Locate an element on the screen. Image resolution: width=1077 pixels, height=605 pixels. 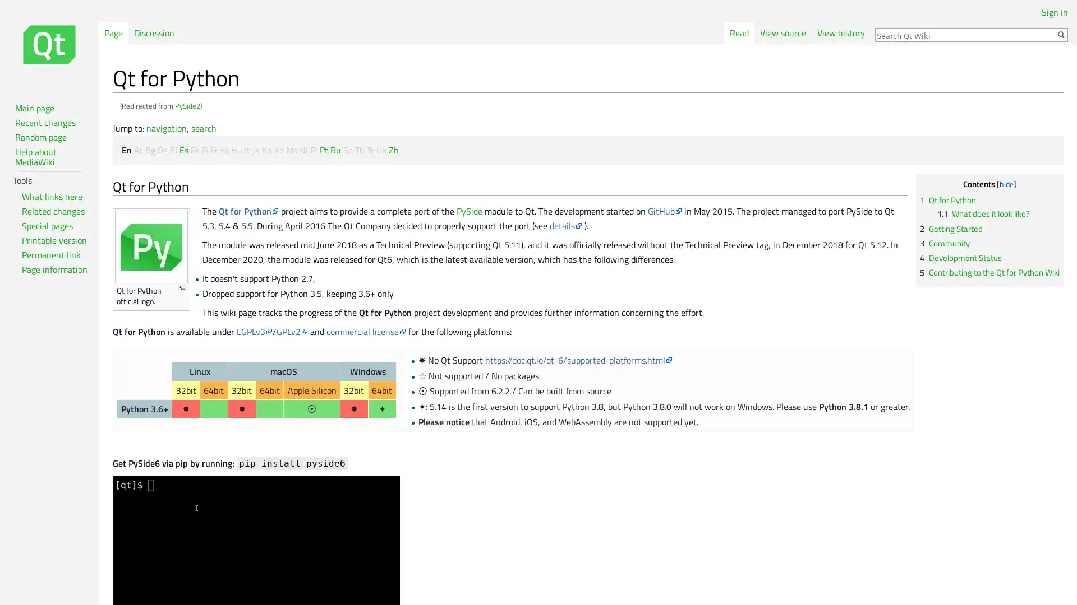
Go is located at coordinates (1060, 34).